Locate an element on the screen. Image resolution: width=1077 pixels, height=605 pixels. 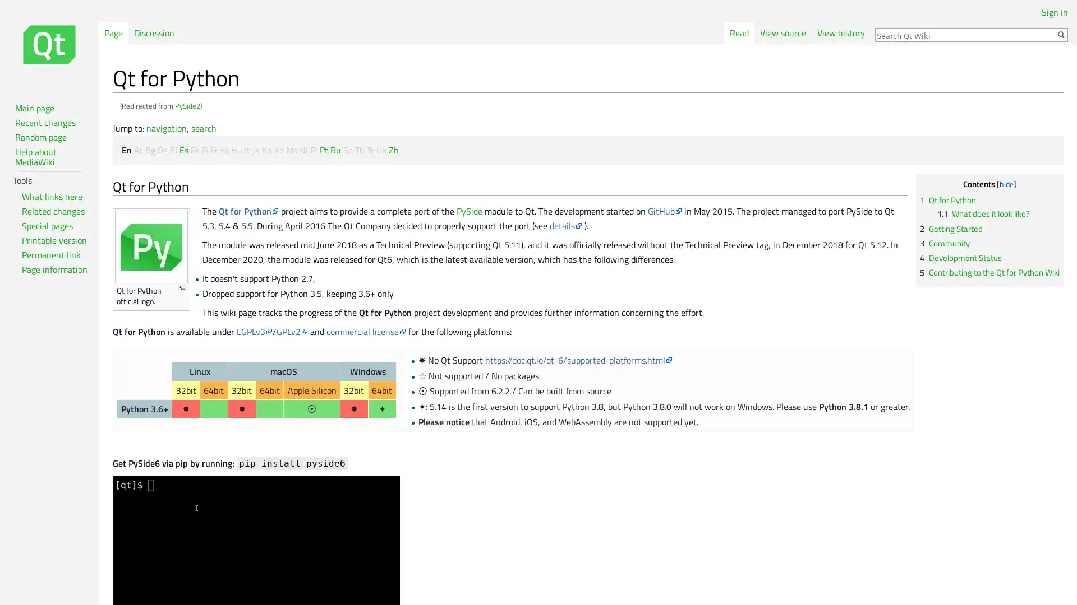
Go is located at coordinates (1060, 34).